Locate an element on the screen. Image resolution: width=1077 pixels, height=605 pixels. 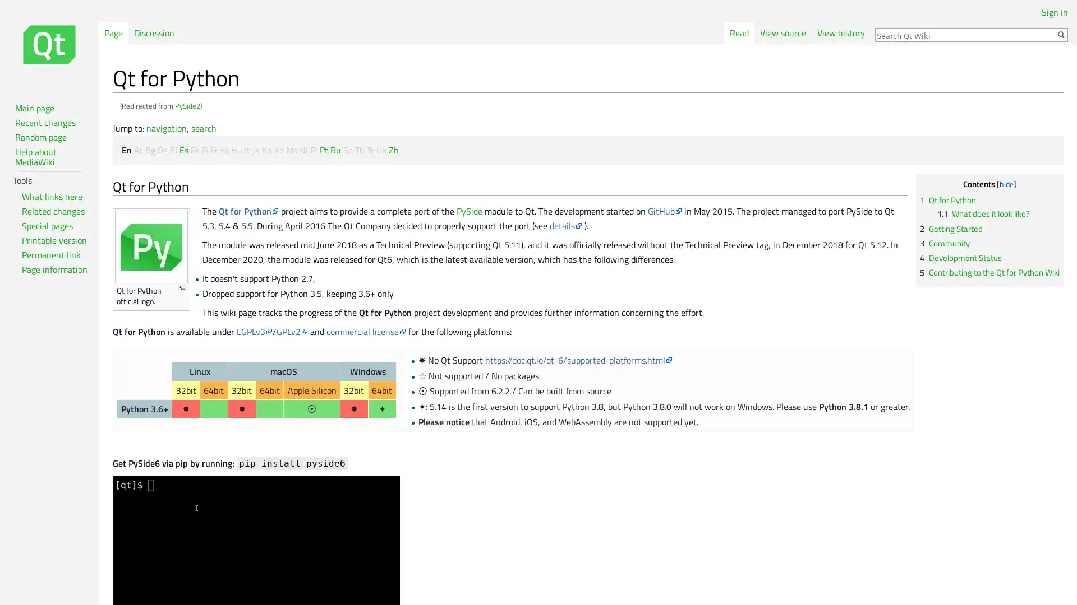
Go is located at coordinates (1060, 34).